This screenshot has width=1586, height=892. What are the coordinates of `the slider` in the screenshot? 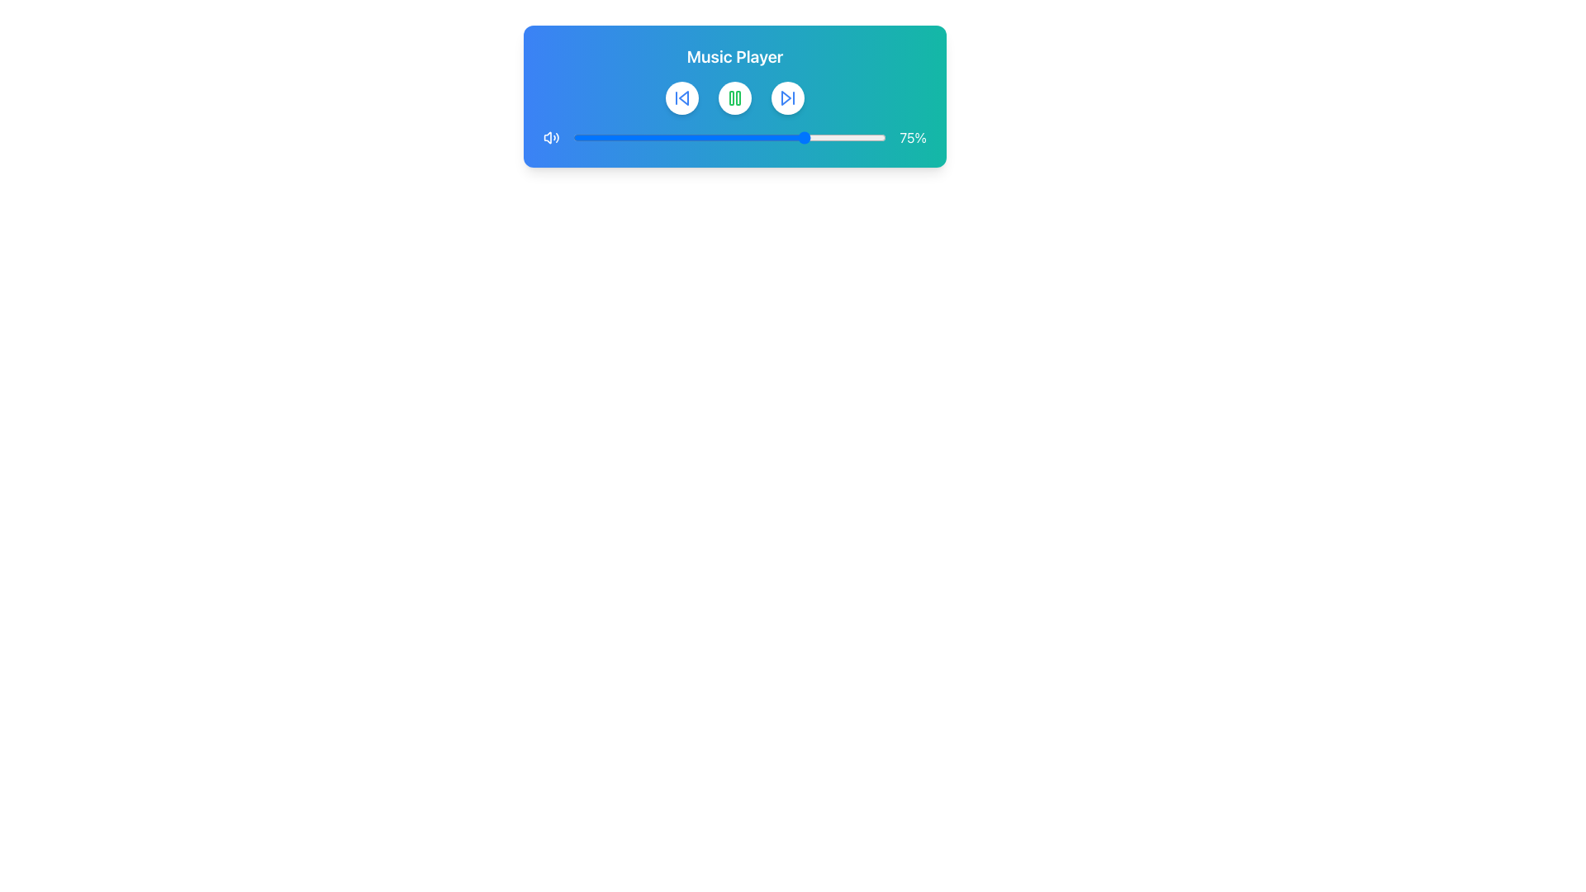 It's located at (798, 136).